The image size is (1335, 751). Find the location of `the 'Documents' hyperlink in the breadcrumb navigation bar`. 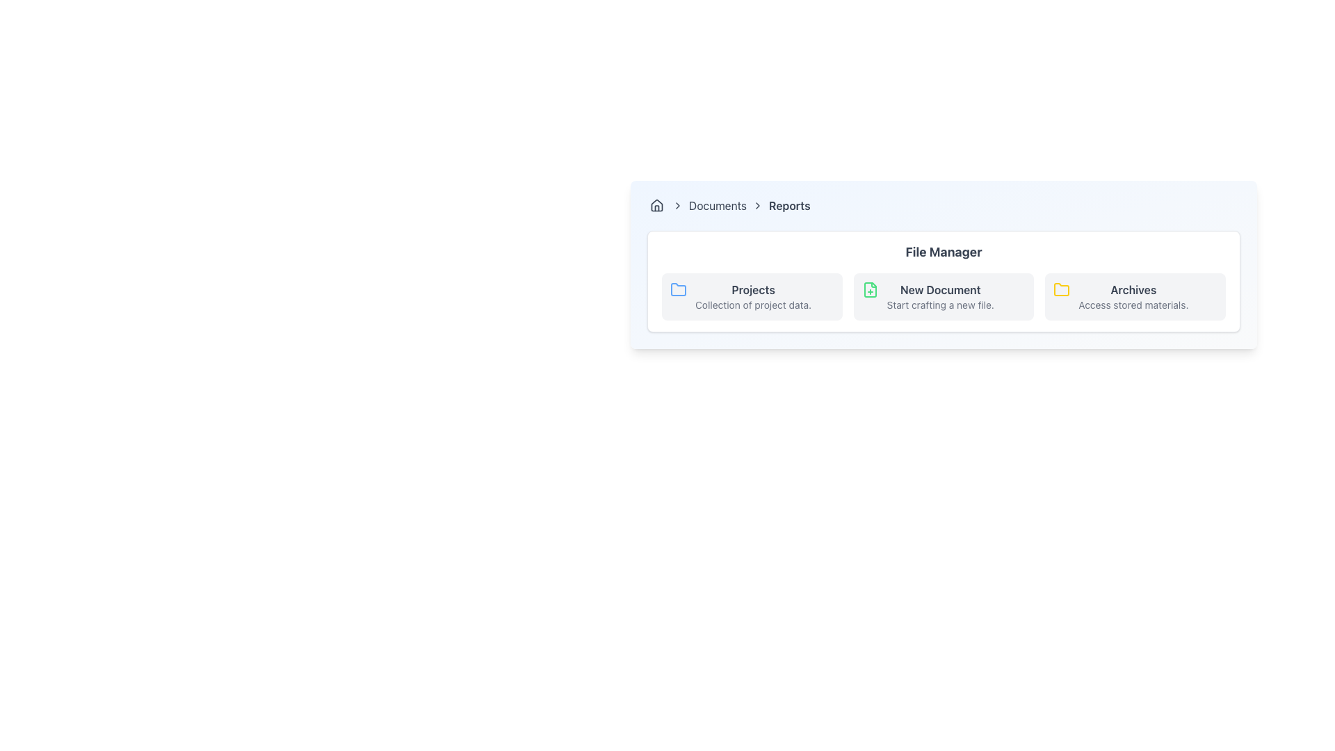

the 'Documents' hyperlink in the breadcrumb navigation bar is located at coordinates (718, 206).